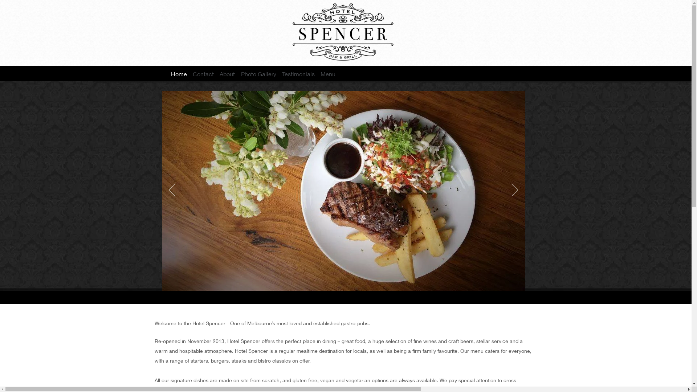  Describe the element at coordinates (203, 74) in the screenshot. I see `'Contact'` at that location.